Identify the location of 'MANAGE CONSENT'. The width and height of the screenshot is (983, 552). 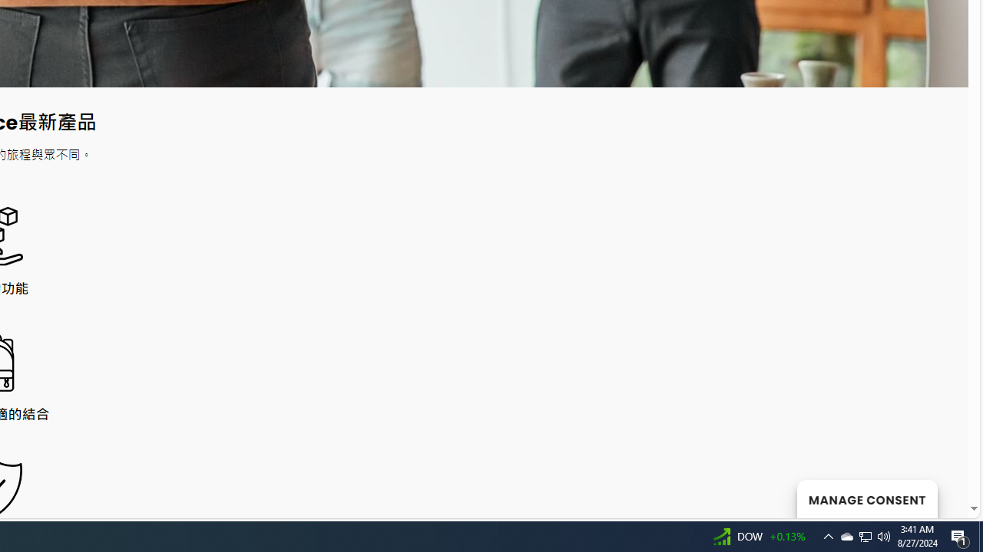
(866, 498).